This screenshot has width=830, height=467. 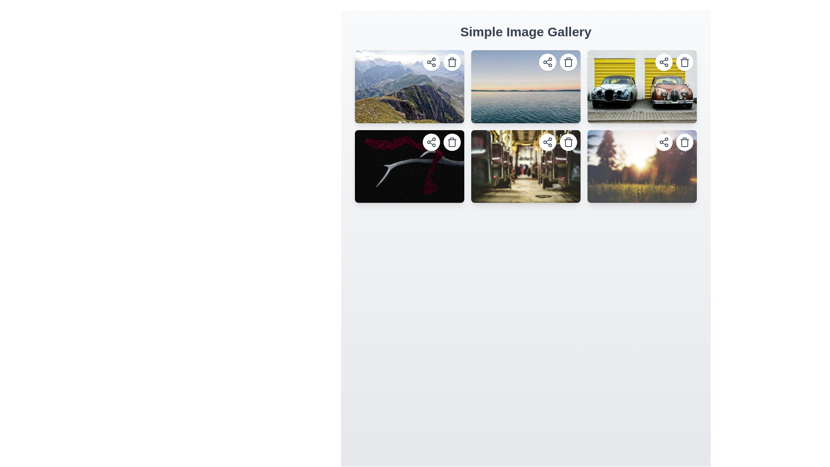 What do you see at coordinates (568, 61) in the screenshot?
I see `the Trashcan icon button located in the top-right corner of the second image in the top row of the 3x2 image gallery layout` at bounding box center [568, 61].